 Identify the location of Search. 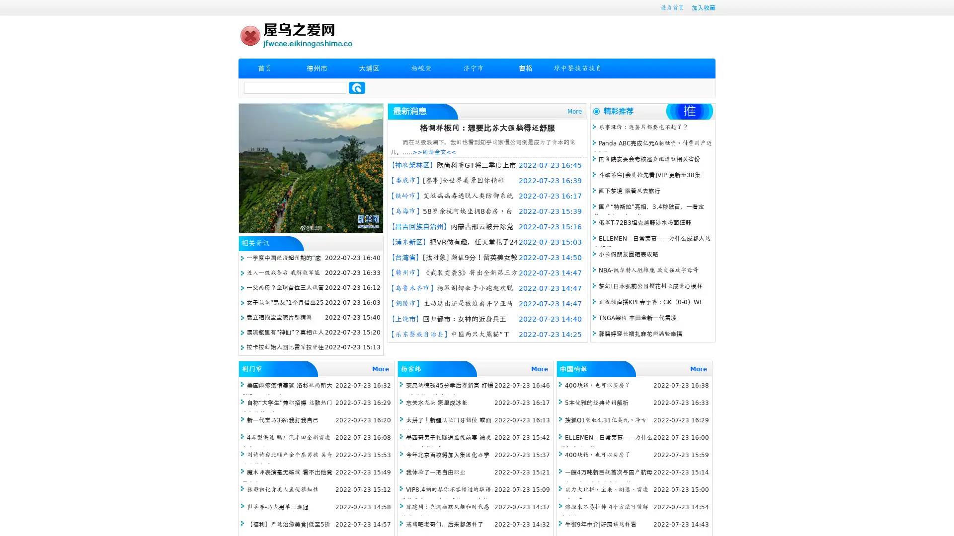
(357, 87).